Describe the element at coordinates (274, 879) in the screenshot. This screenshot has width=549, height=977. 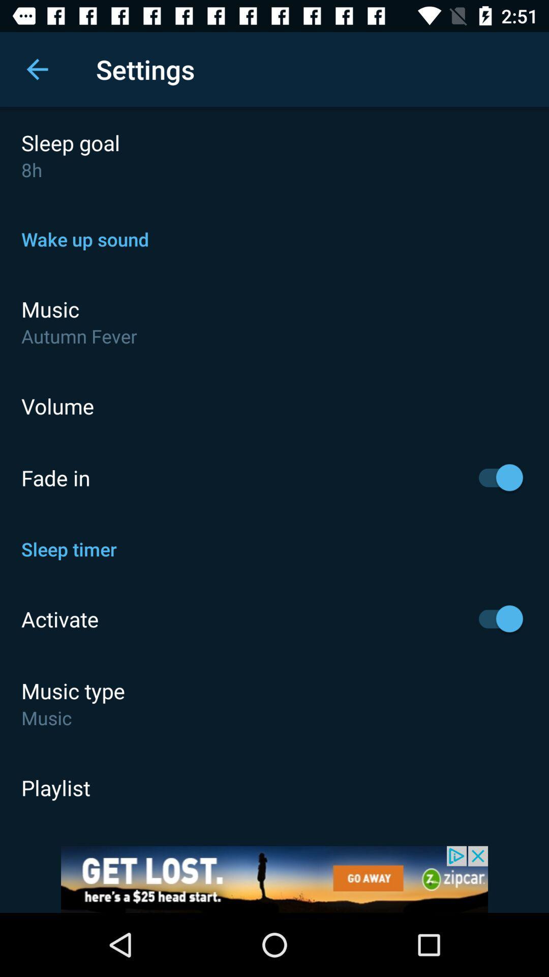
I see `opens a advertisement` at that location.